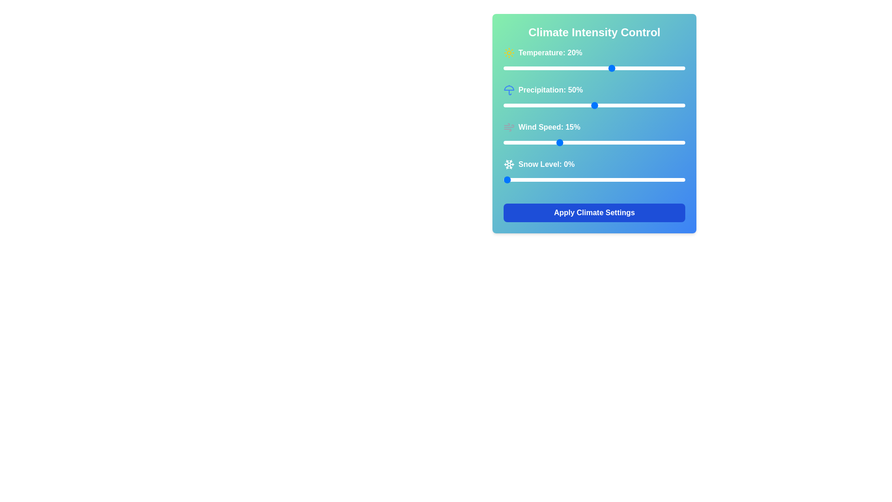  Describe the element at coordinates (644, 67) in the screenshot. I see `the temperature slider` at that location.